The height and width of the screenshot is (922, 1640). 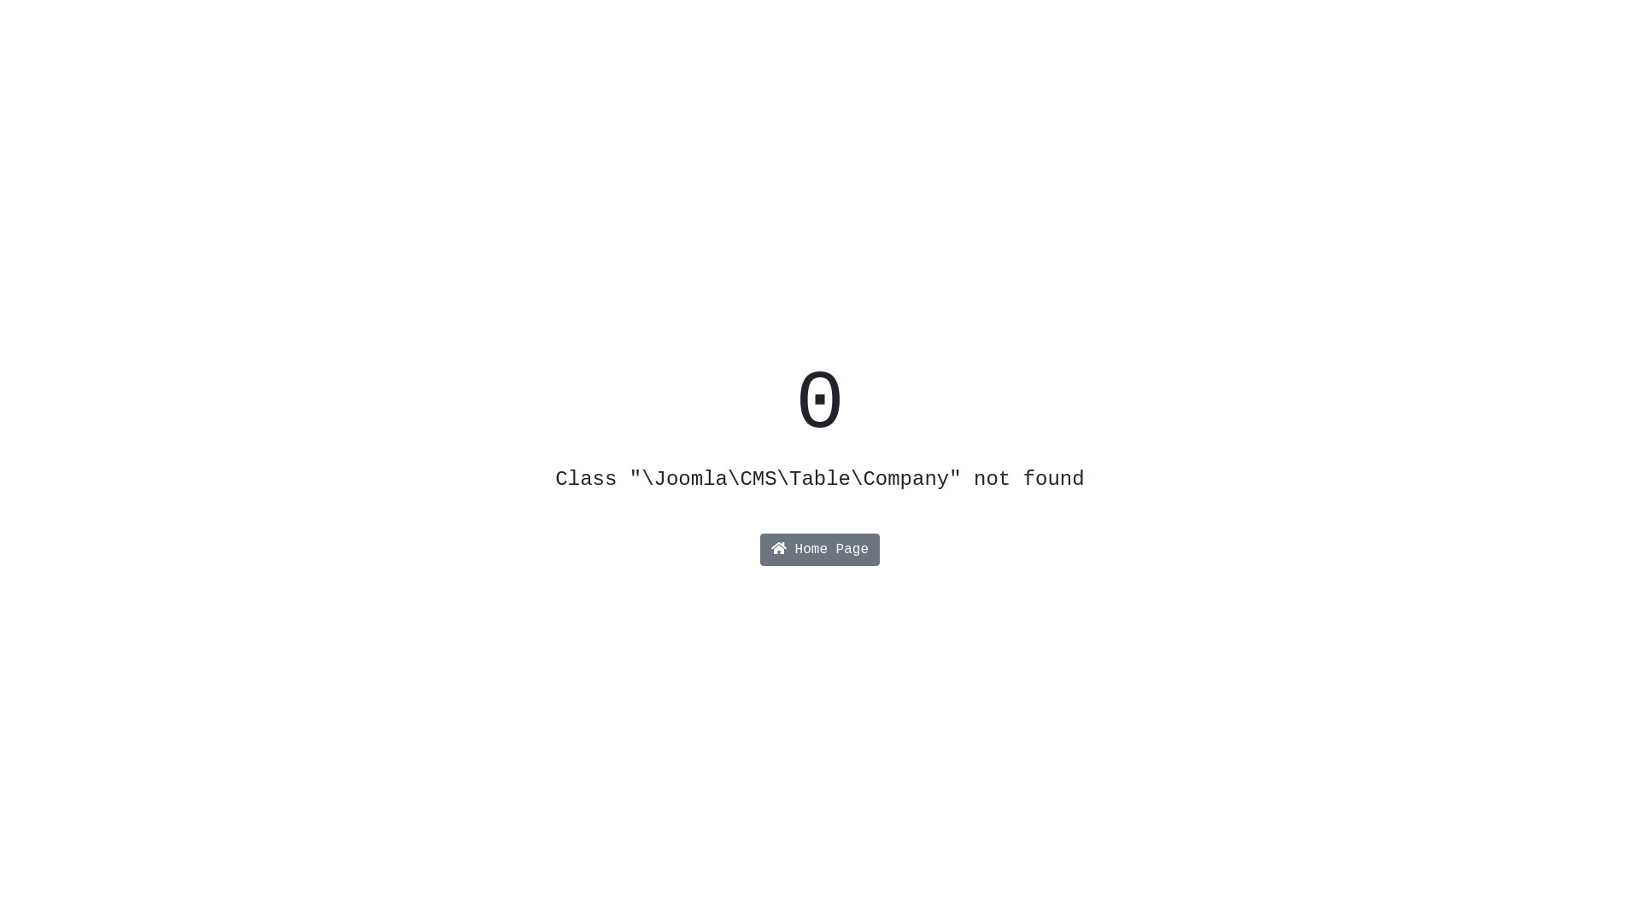 What do you see at coordinates (820, 550) in the screenshot?
I see `'Home Page'` at bounding box center [820, 550].